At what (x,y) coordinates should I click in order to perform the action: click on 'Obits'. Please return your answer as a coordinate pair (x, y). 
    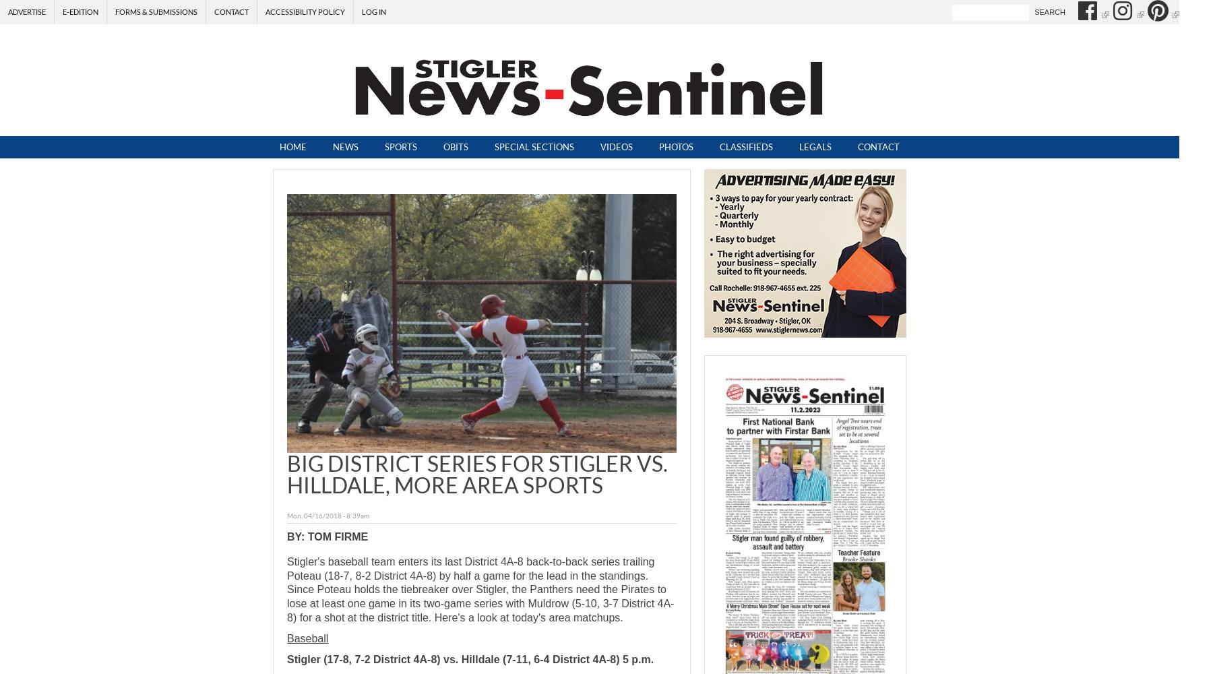
    Looking at the image, I should click on (455, 146).